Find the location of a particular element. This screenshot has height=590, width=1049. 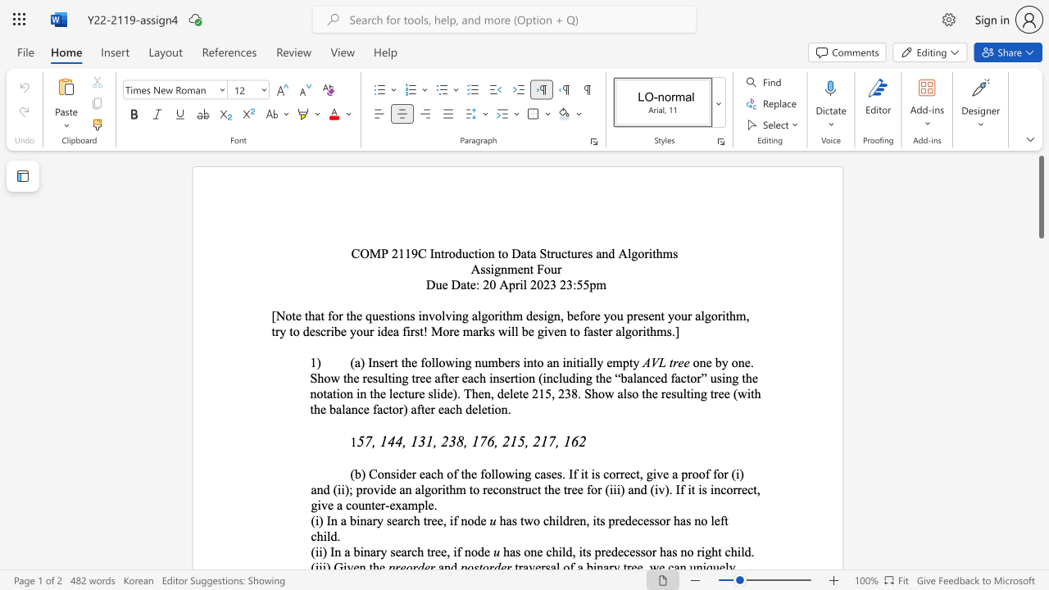

the scrollbar to scroll the page down is located at coordinates (1040, 303).